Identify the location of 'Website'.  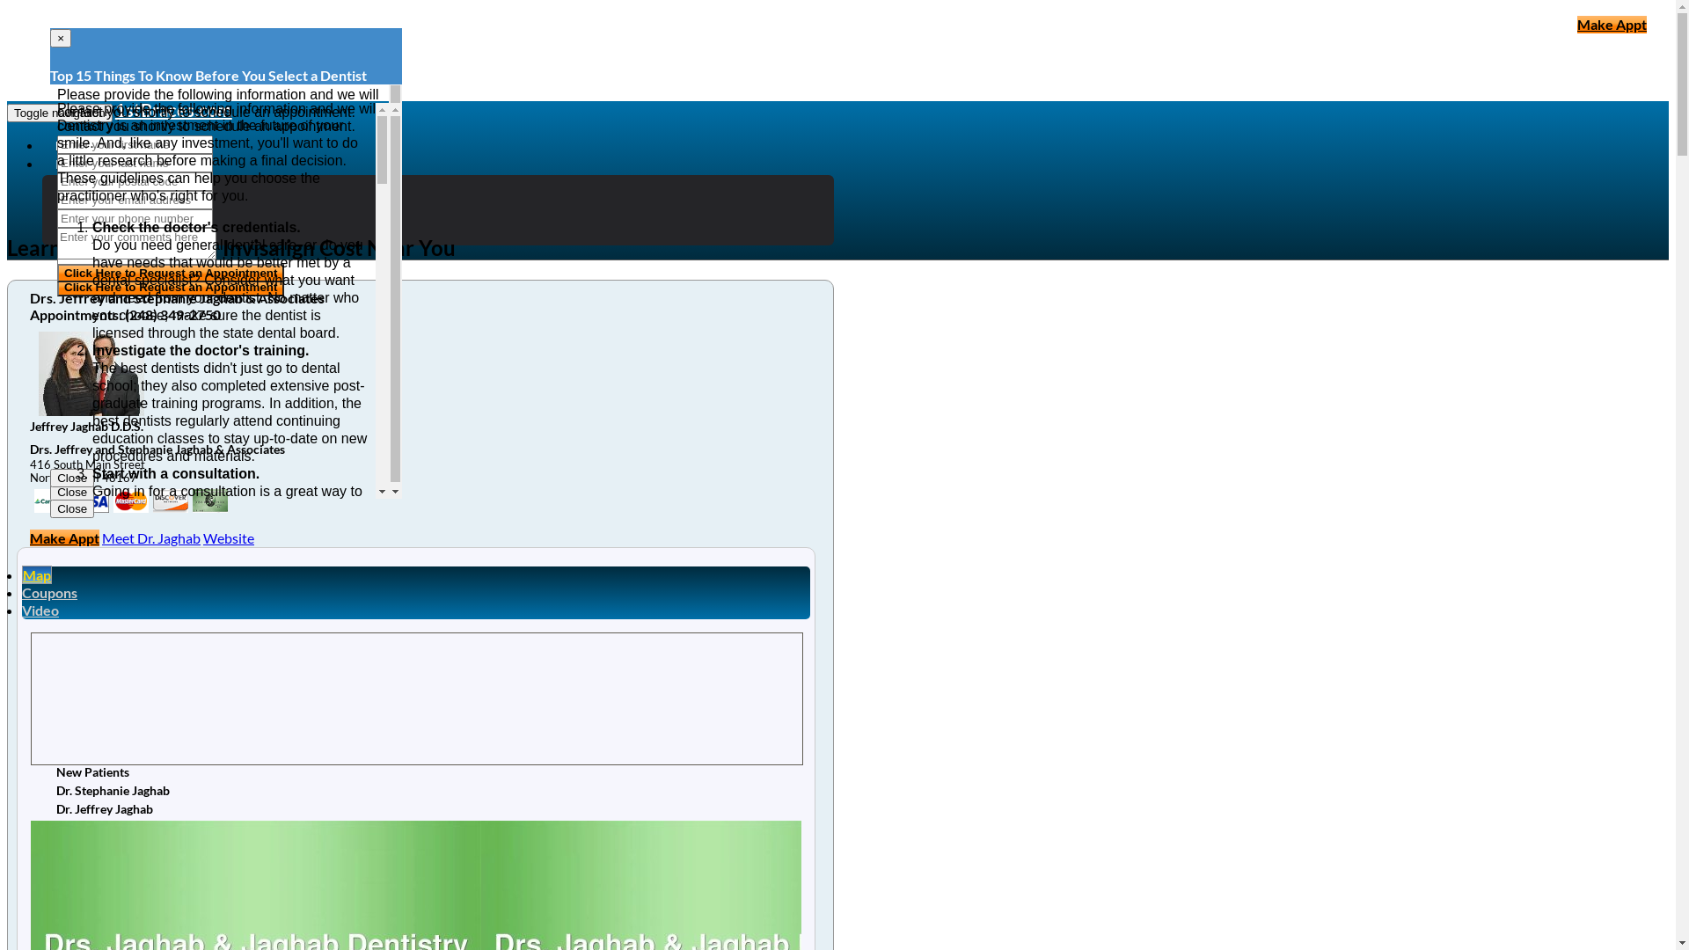
(227, 537).